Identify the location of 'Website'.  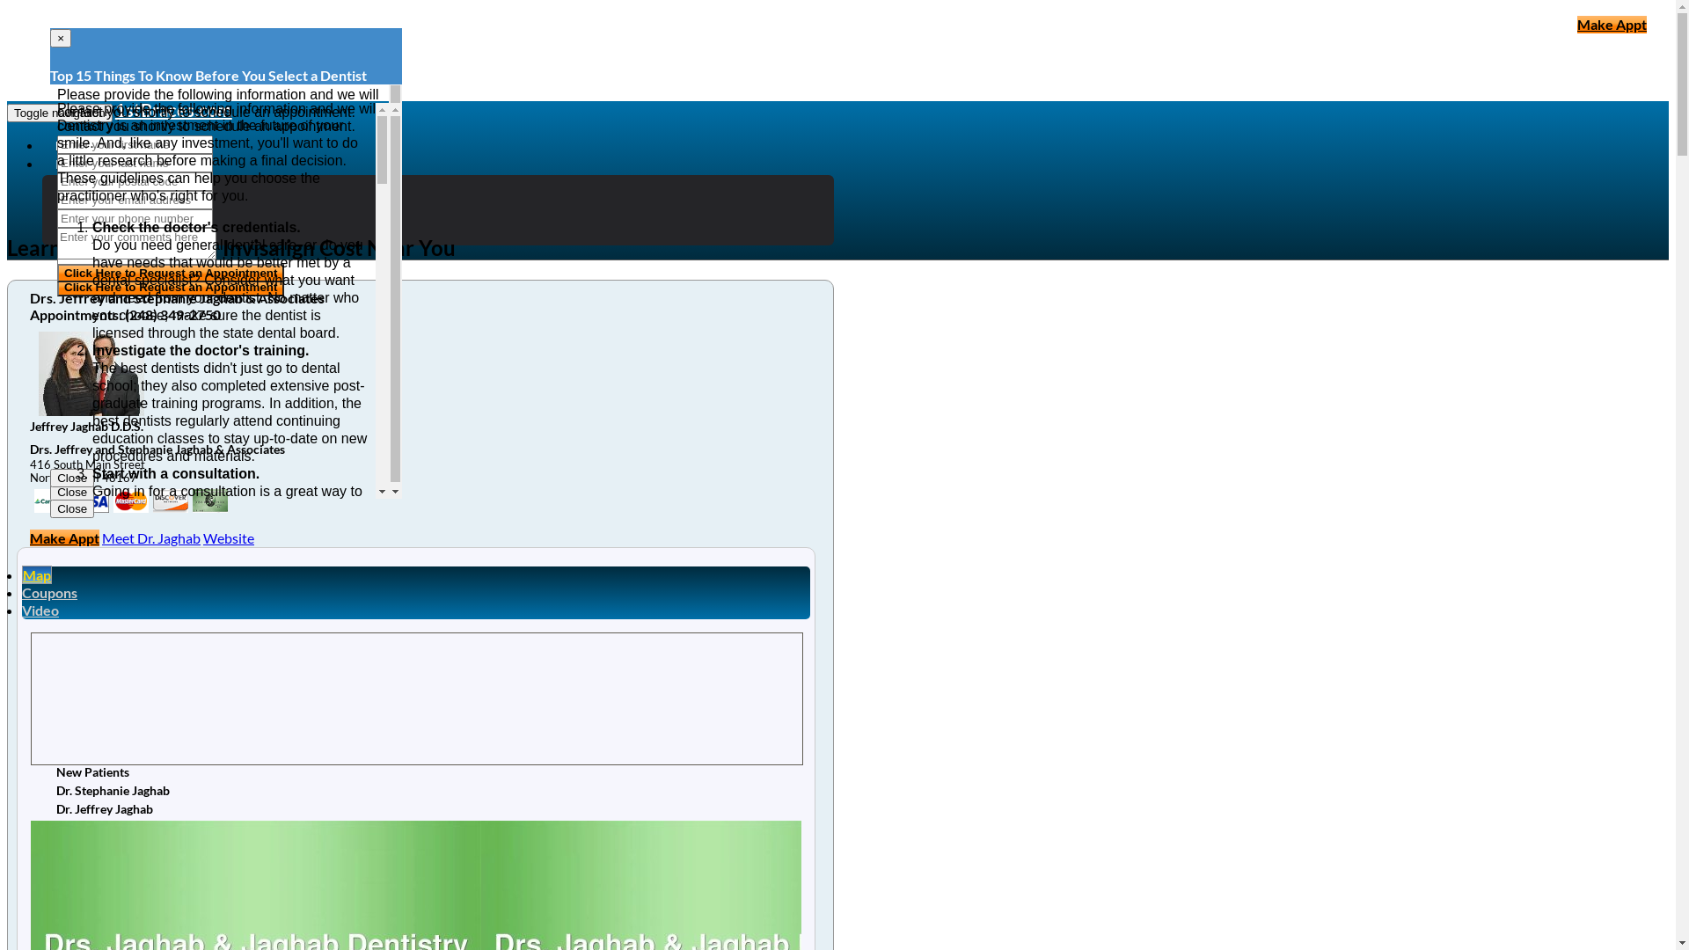
(227, 537).